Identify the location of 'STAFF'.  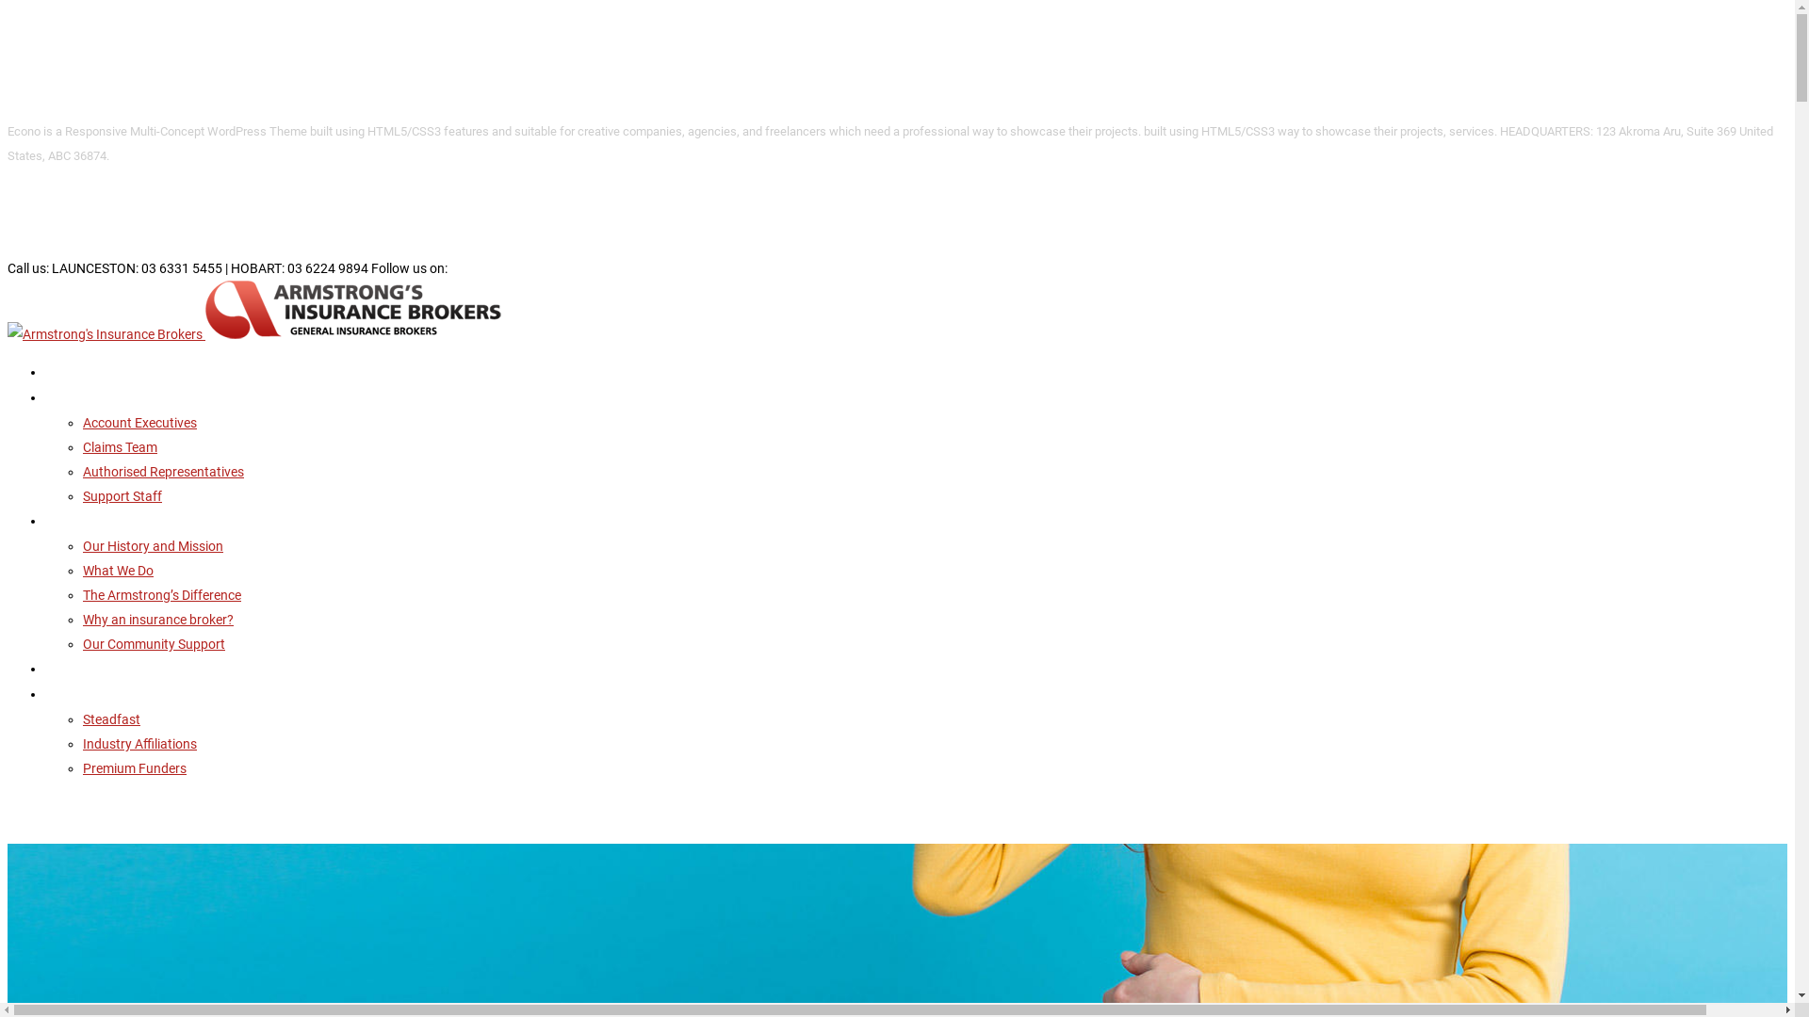
(63, 396).